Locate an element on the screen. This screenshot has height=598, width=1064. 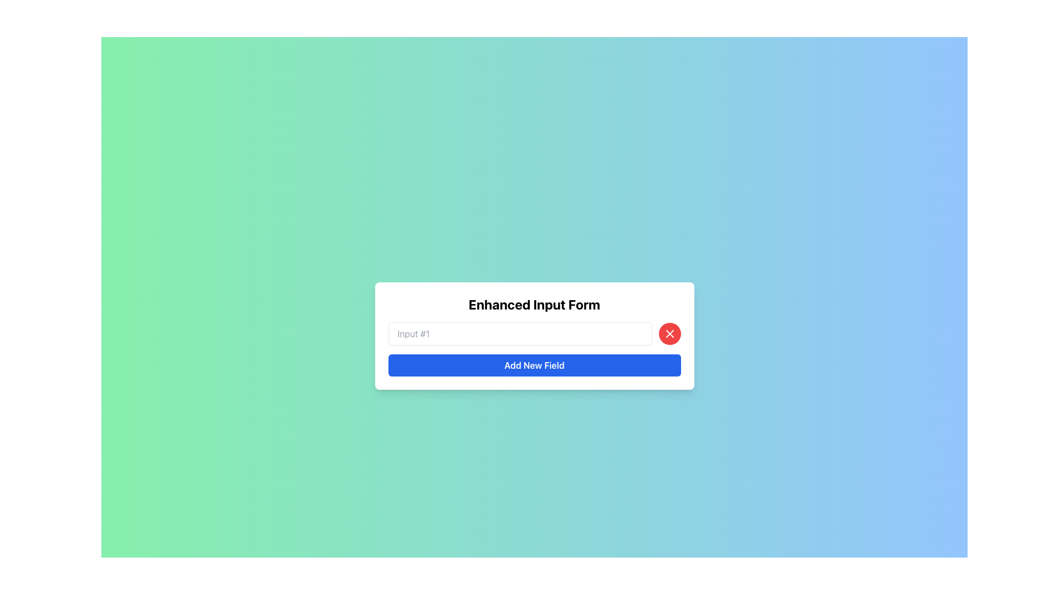
the red circular button with a white 'X' symbol is located at coordinates (669, 333).